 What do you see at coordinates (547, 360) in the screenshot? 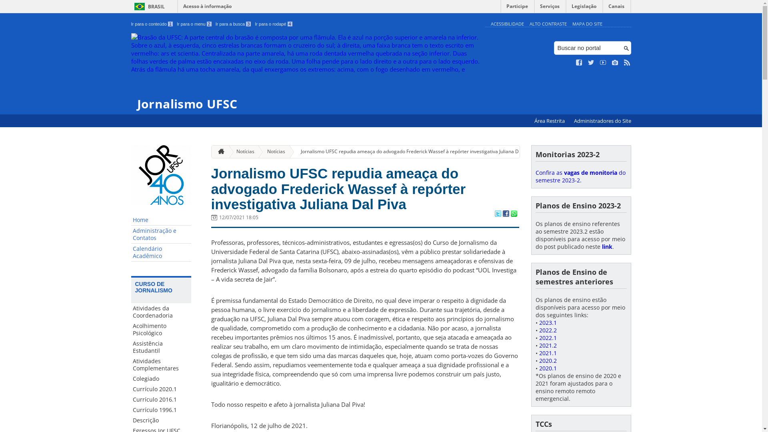
I see `'2020.2'` at bounding box center [547, 360].